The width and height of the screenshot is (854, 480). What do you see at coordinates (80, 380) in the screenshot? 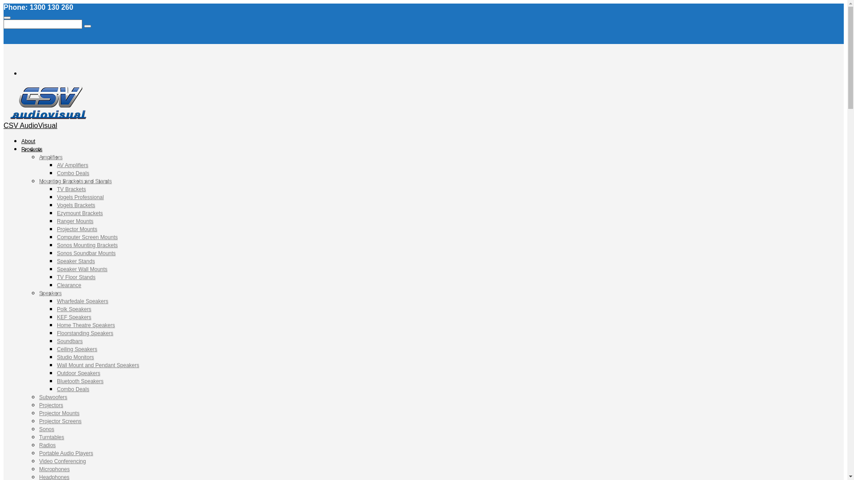
I see `'Bluetooth Speakers'` at bounding box center [80, 380].